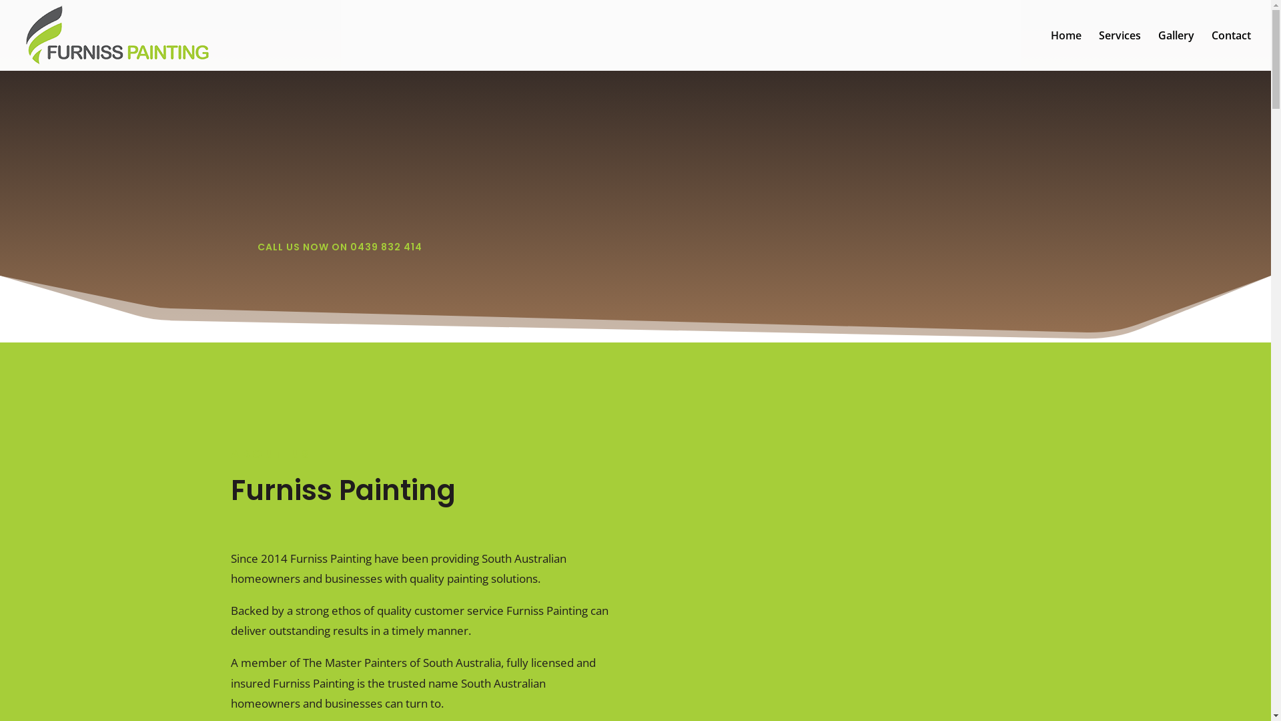  Describe the element at coordinates (340, 247) in the screenshot. I see `'CALL US NOW ON 0439 832 414'` at that location.